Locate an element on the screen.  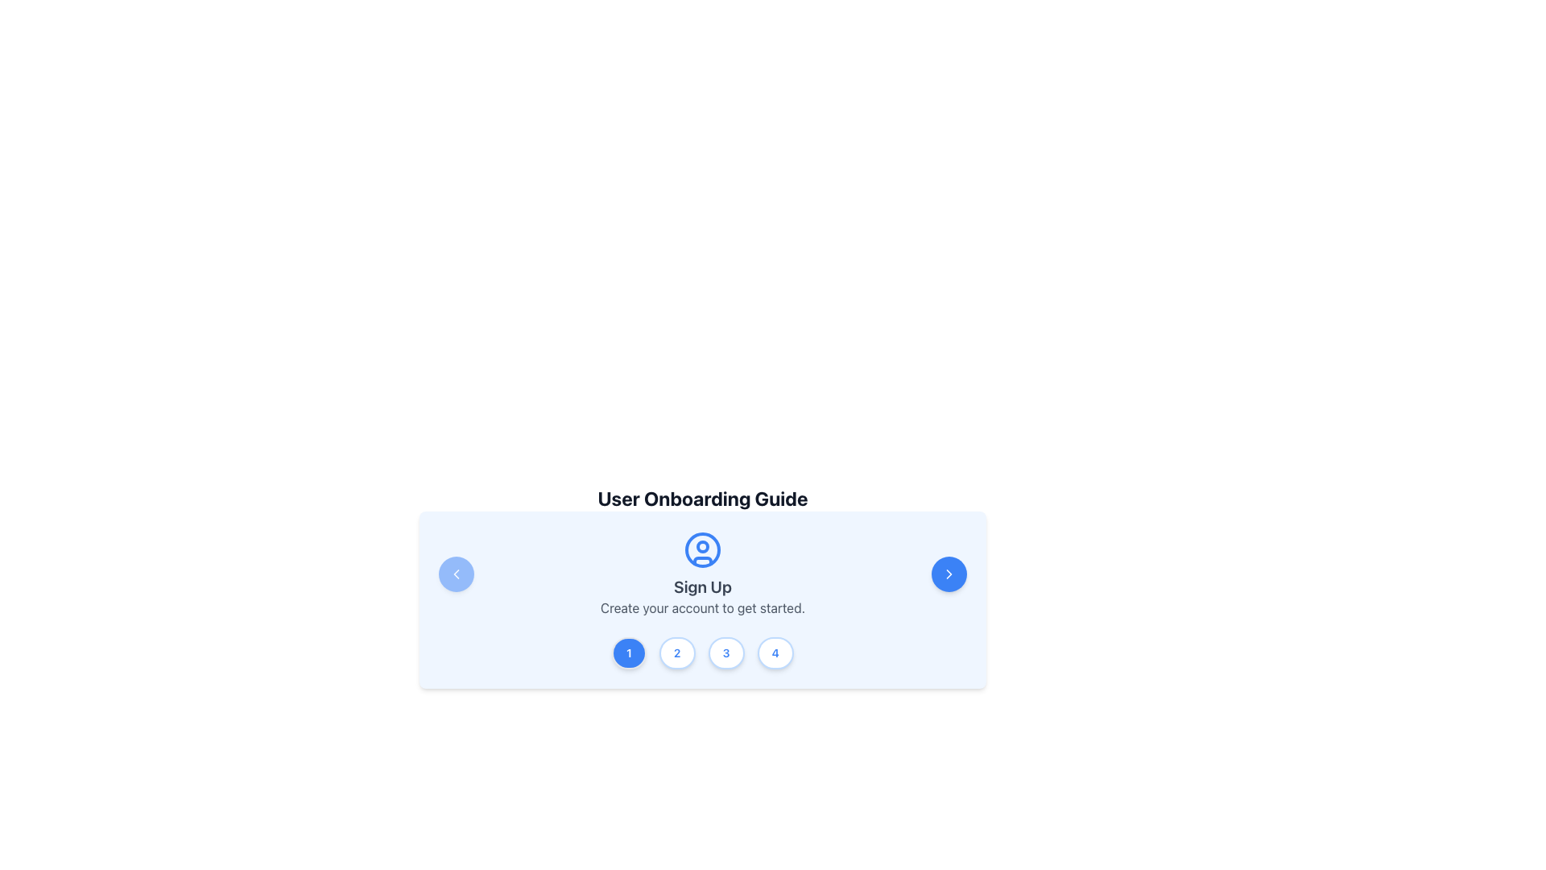
the small circular button displaying the number '4' with a white background and light blue border for additional information is located at coordinates (775, 652).